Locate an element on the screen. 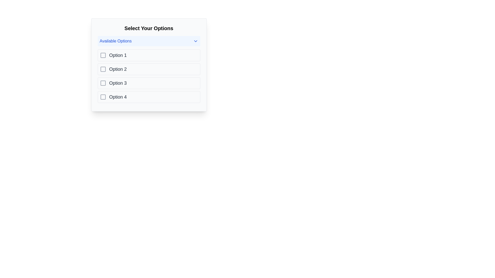 The height and width of the screenshot is (278, 495). the checkbox of the fourth option labeled 'Option 4' is located at coordinates (103, 97).